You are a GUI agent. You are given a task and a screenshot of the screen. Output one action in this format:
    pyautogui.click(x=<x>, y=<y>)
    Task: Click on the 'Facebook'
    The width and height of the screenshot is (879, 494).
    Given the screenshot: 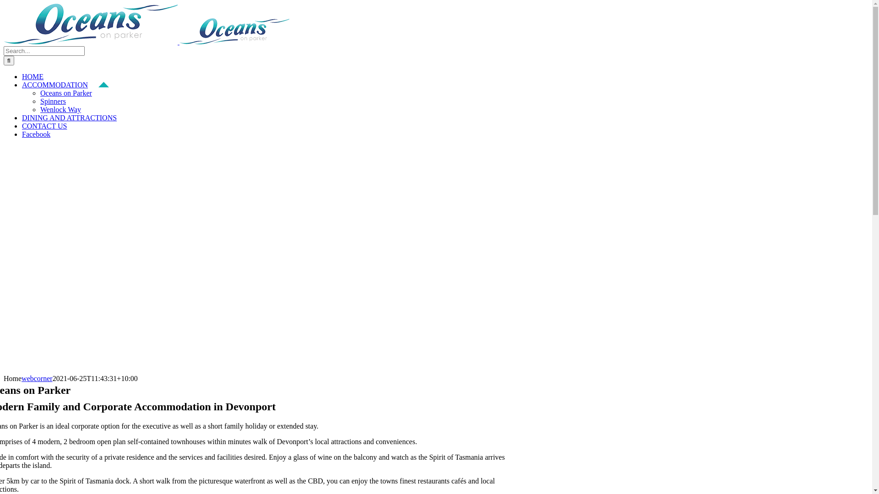 What is the action you would take?
    pyautogui.click(x=41, y=134)
    